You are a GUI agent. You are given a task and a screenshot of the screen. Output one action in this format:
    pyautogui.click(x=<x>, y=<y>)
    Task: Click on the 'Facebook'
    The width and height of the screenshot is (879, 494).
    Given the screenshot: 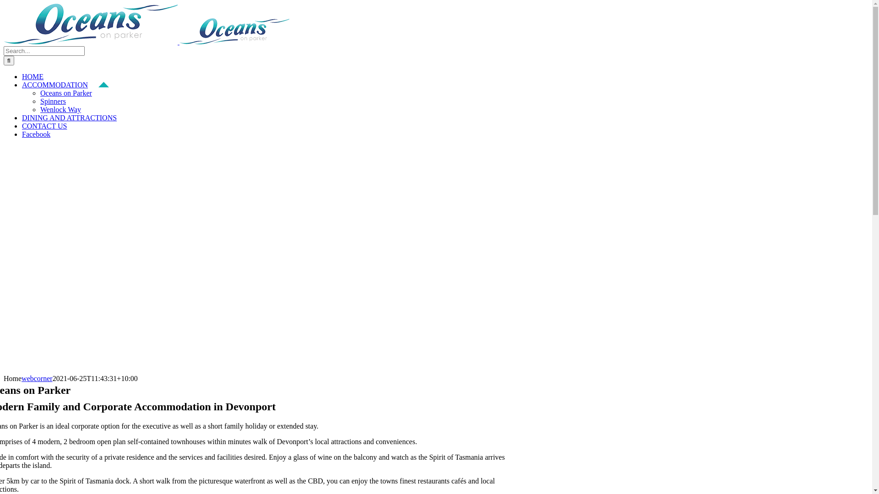 What is the action you would take?
    pyautogui.click(x=41, y=134)
    